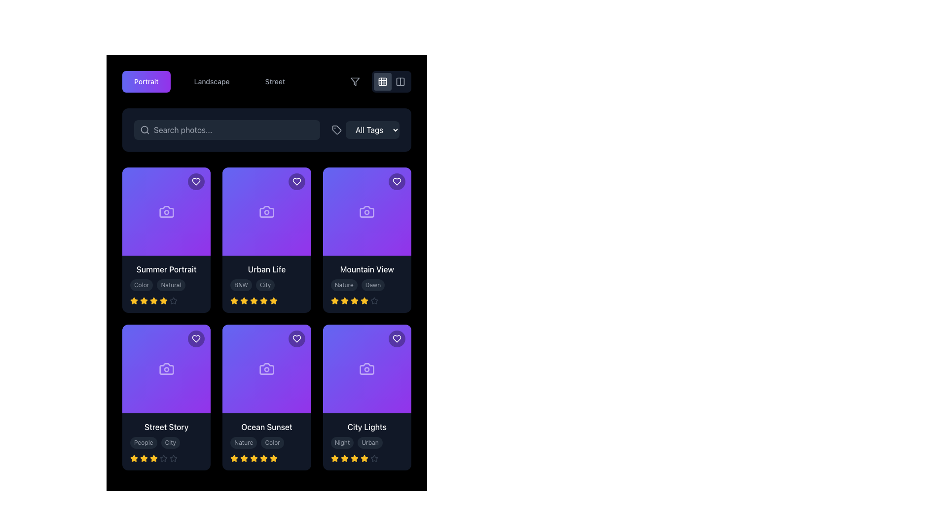 This screenshot has height=532, width=947. What do you see at coordinates (267, 211) in the screenshot?
I see `the Decorative Icon representing a camera, which is located in the center of the 'Urban Life' card, positioned above the title and tags sections` at bounding box center [267, 211].